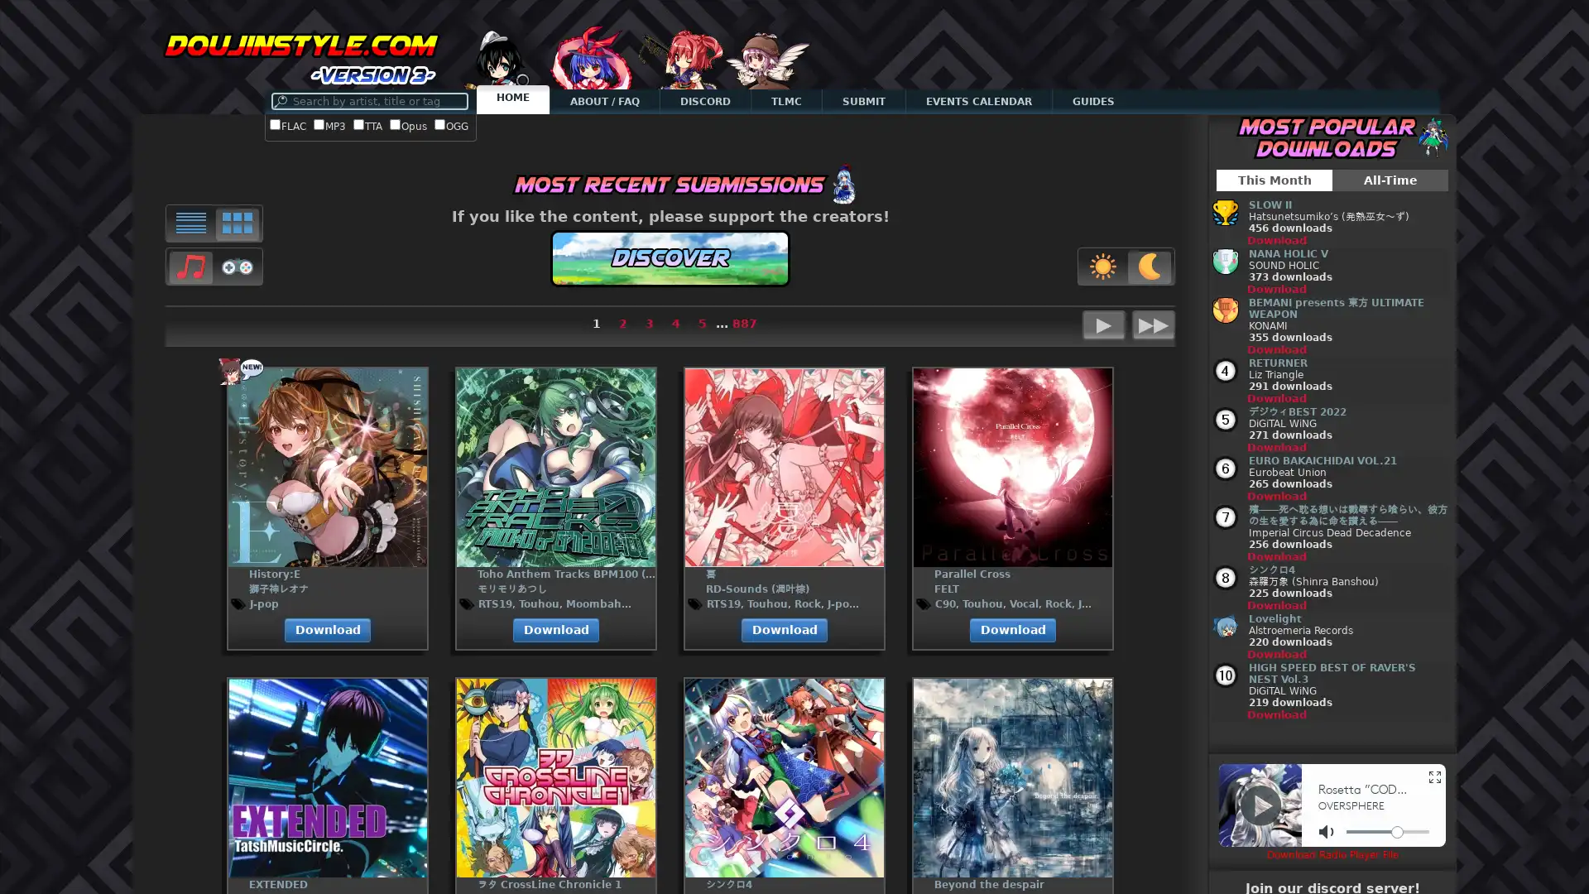 The height and width of the screenshot is (894, 1589). I want to click on Download, so click(1275, 556).